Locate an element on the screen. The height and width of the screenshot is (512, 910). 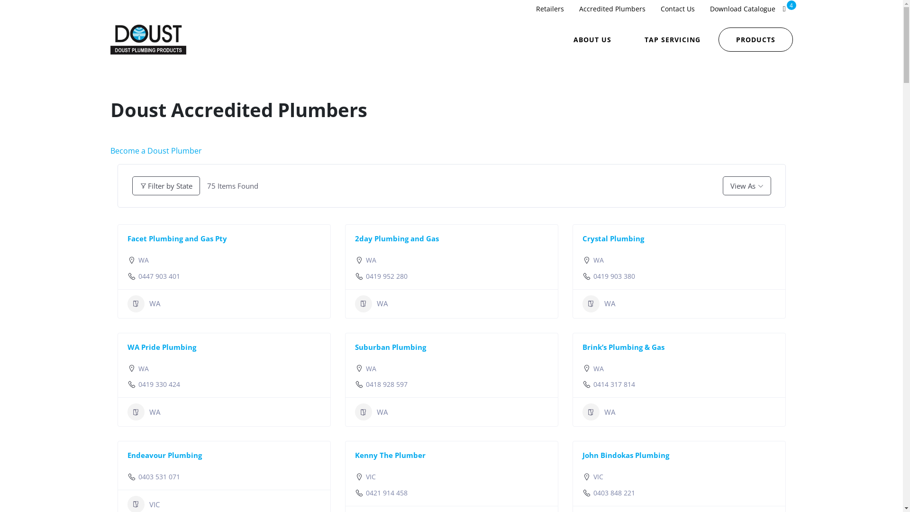
'4' is located at coordinates (784, 9).